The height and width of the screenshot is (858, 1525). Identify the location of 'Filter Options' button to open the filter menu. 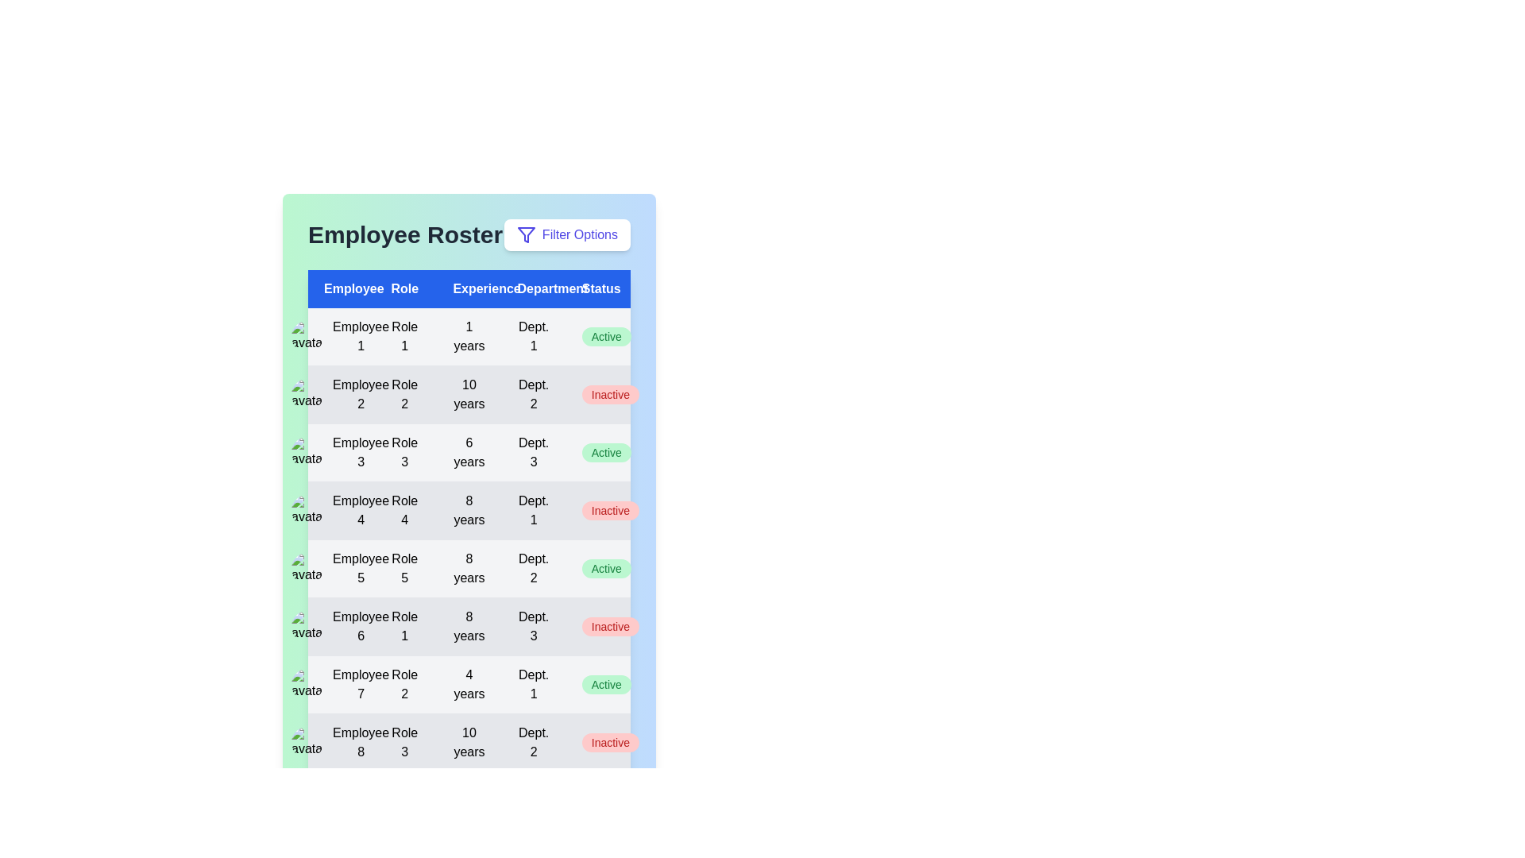
(567, 235).